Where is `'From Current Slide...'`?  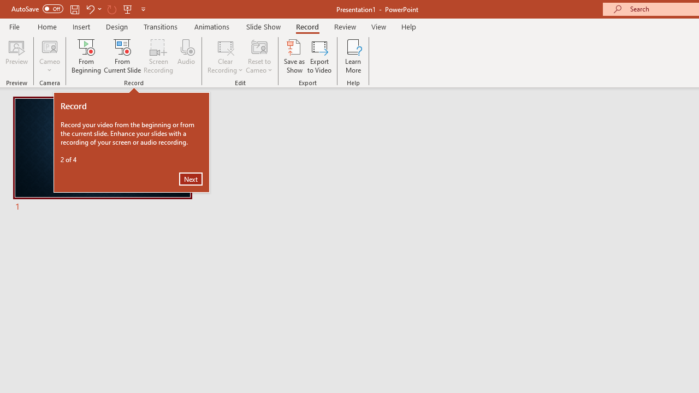
'From Current Slide...' is located at coordinates (122, 56).